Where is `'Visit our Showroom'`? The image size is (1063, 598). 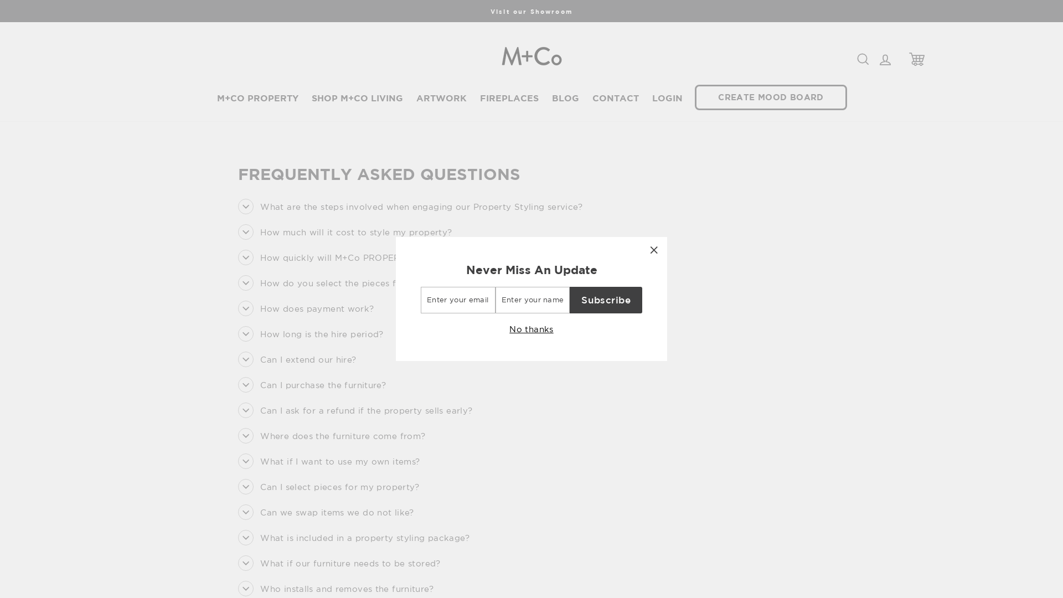 'Visit our Showroom' is located at coordinates (531, 11).